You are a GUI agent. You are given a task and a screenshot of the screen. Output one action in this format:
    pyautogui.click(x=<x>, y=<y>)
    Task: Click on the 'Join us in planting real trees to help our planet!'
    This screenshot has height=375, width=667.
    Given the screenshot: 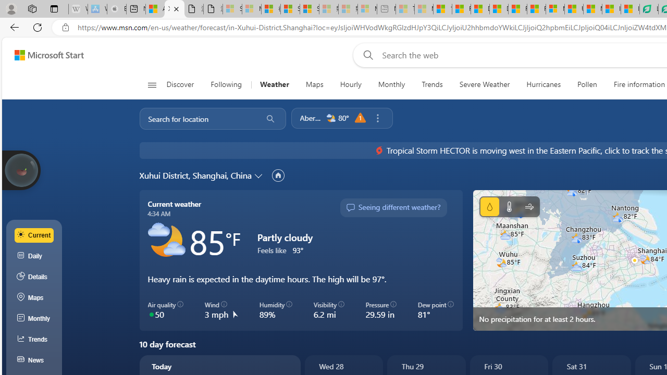 What is the action you would take?
    pyautogui.click(x=21, y=169)
    